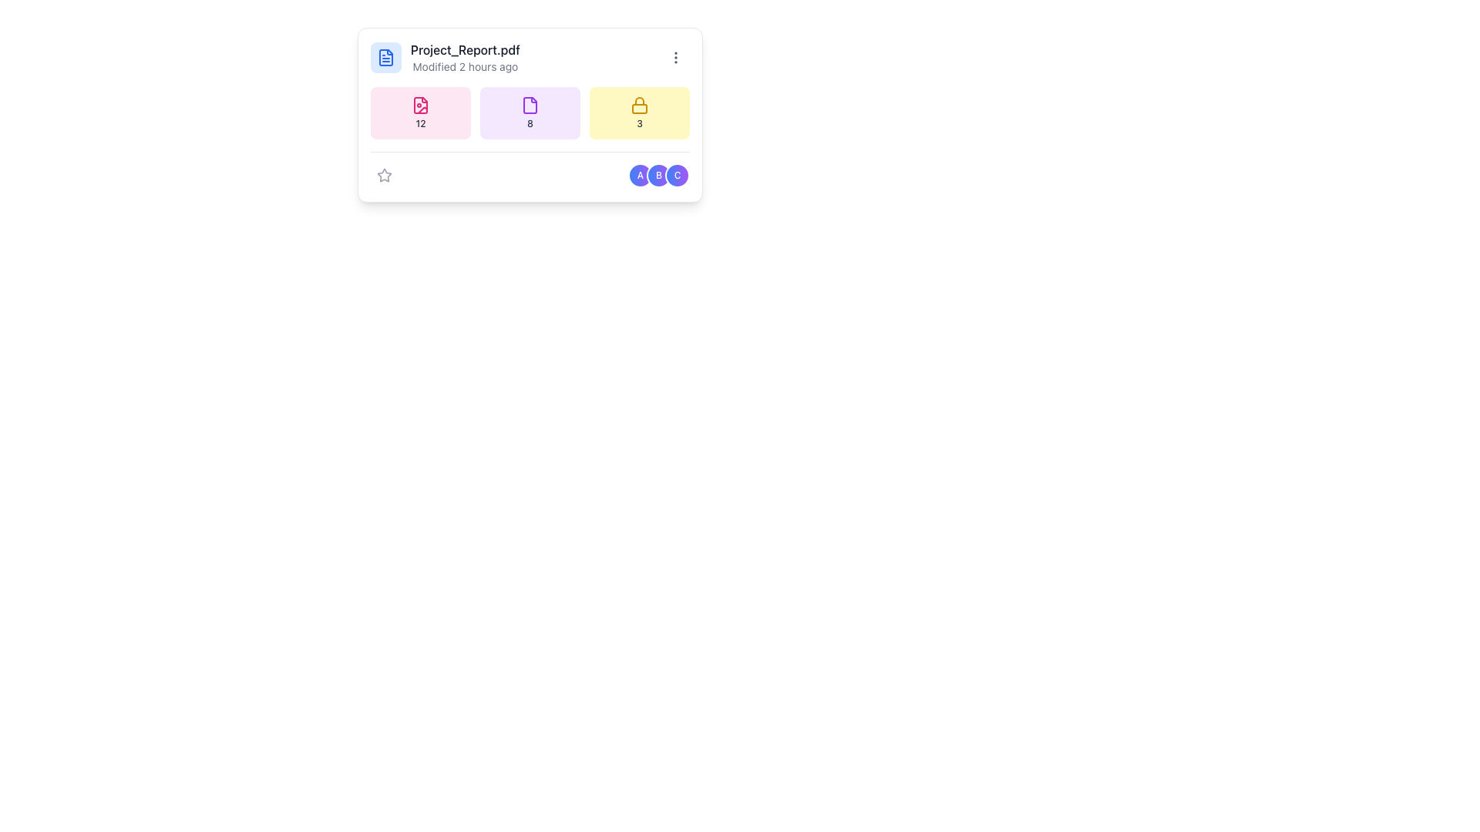 The width and height of the screenshot is (1480, 832). What do you see at coordinates (385, 56) in the screenshot?
I see `the document icon representing 'Project_Report.pdf', located in the top-left corner of the card, before the file name and modification timestamp` at bounding box center [385, 56].